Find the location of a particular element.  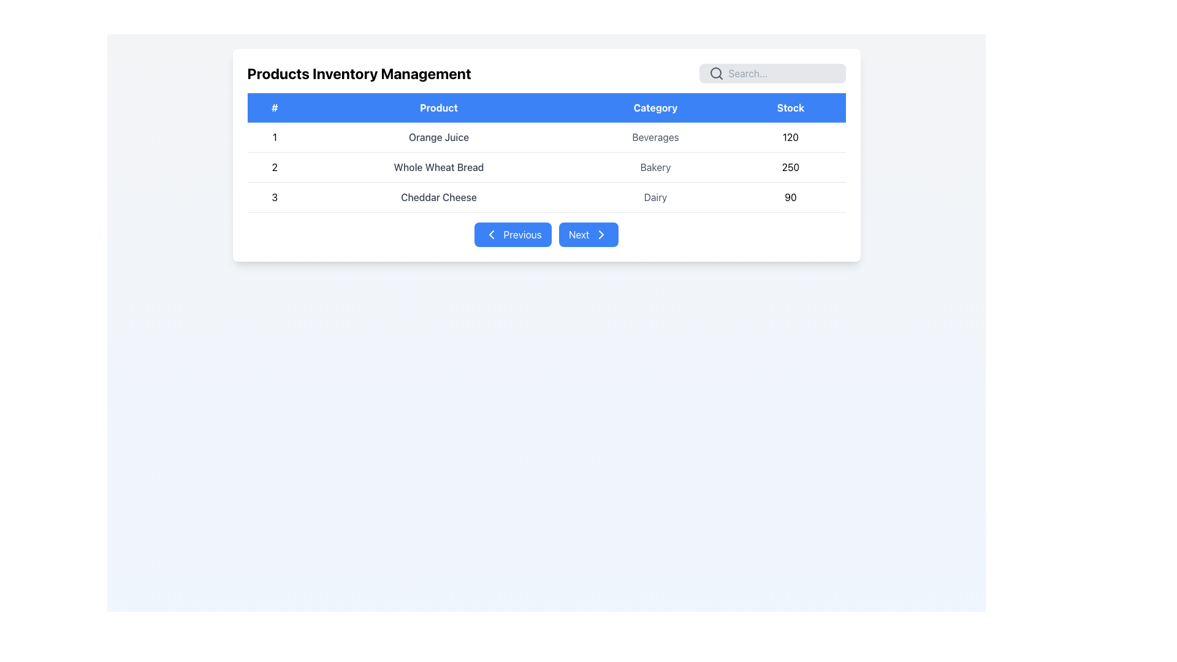

the text label displaying 'Whole Wheat Bread' which is styled with a gray font and located in the second column of the second row of the product information table is located at coordinates (438, 167).